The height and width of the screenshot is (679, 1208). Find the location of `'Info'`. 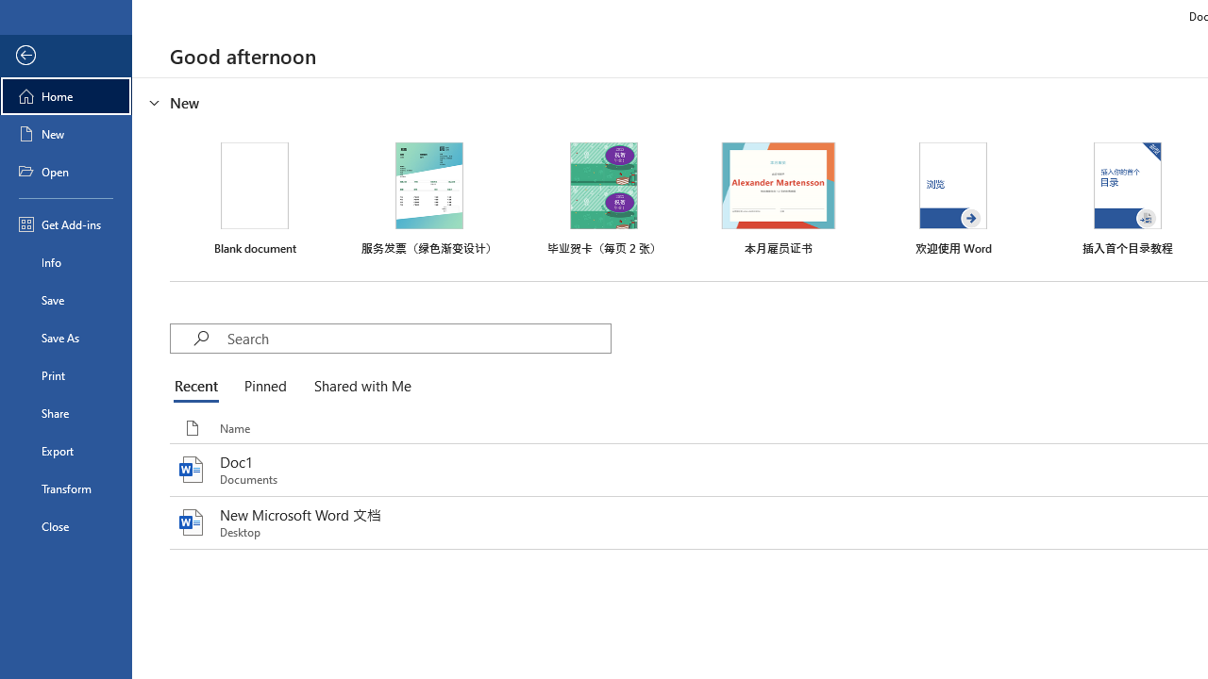

'Info' is located at coordinates (65, 261).